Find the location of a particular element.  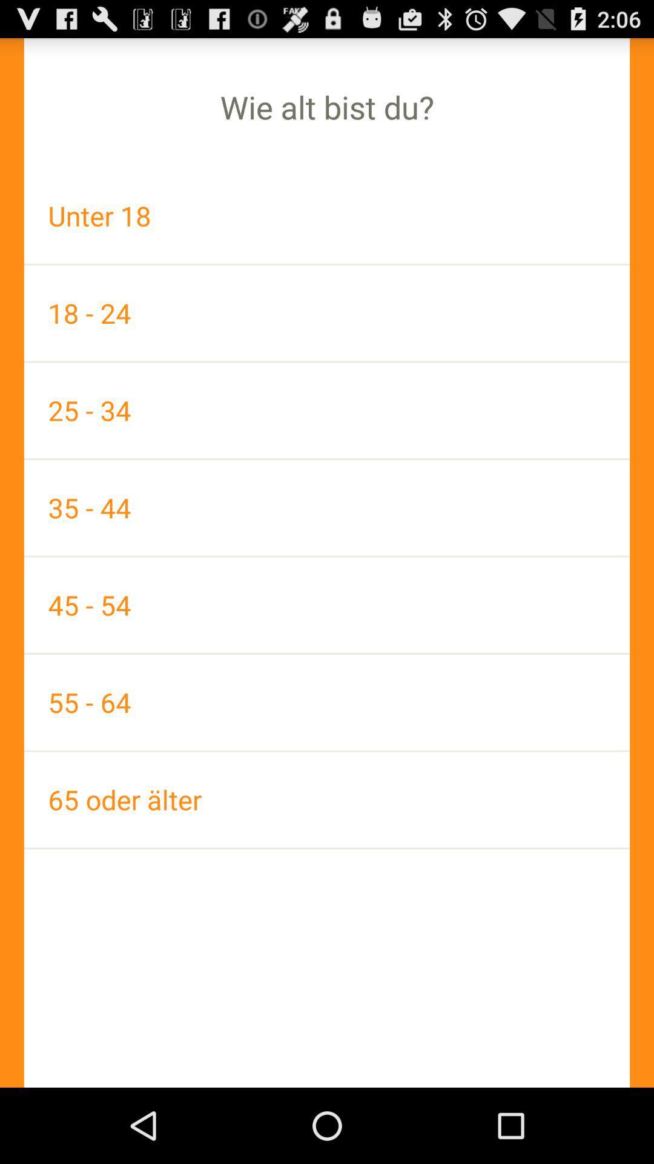

the 18 - 24 item is located at coordinates (327, 313).